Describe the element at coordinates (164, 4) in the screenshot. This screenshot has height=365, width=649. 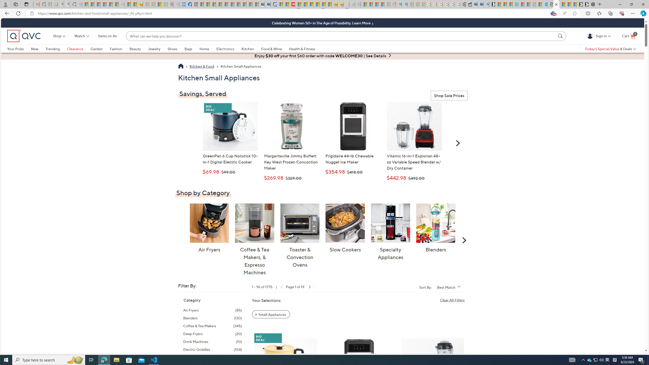
I see `'12 Popular Science Lies that Must be Corrected - Sleeping'` at that location.